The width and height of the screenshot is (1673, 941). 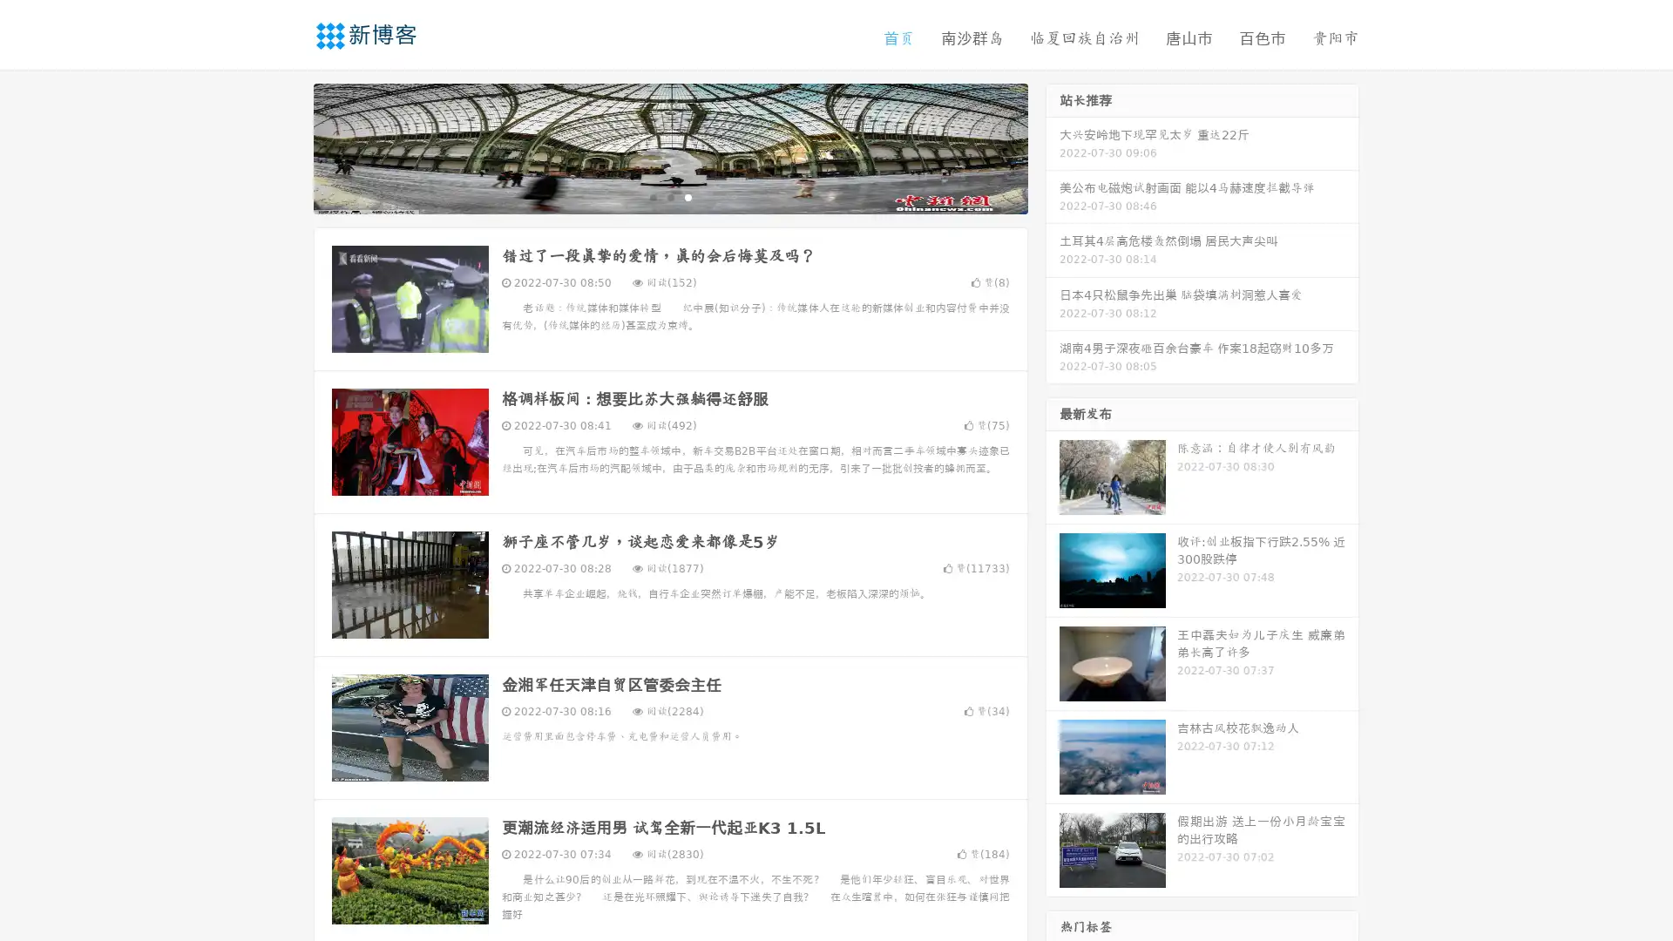 I want to click on Previous slide, so click(x=288, y=146).